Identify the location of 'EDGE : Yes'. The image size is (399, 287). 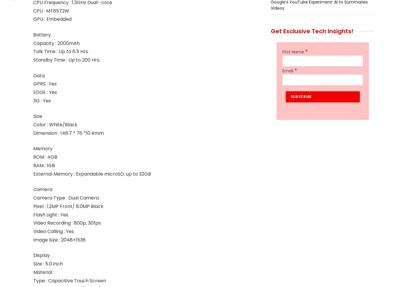
(33, 92).